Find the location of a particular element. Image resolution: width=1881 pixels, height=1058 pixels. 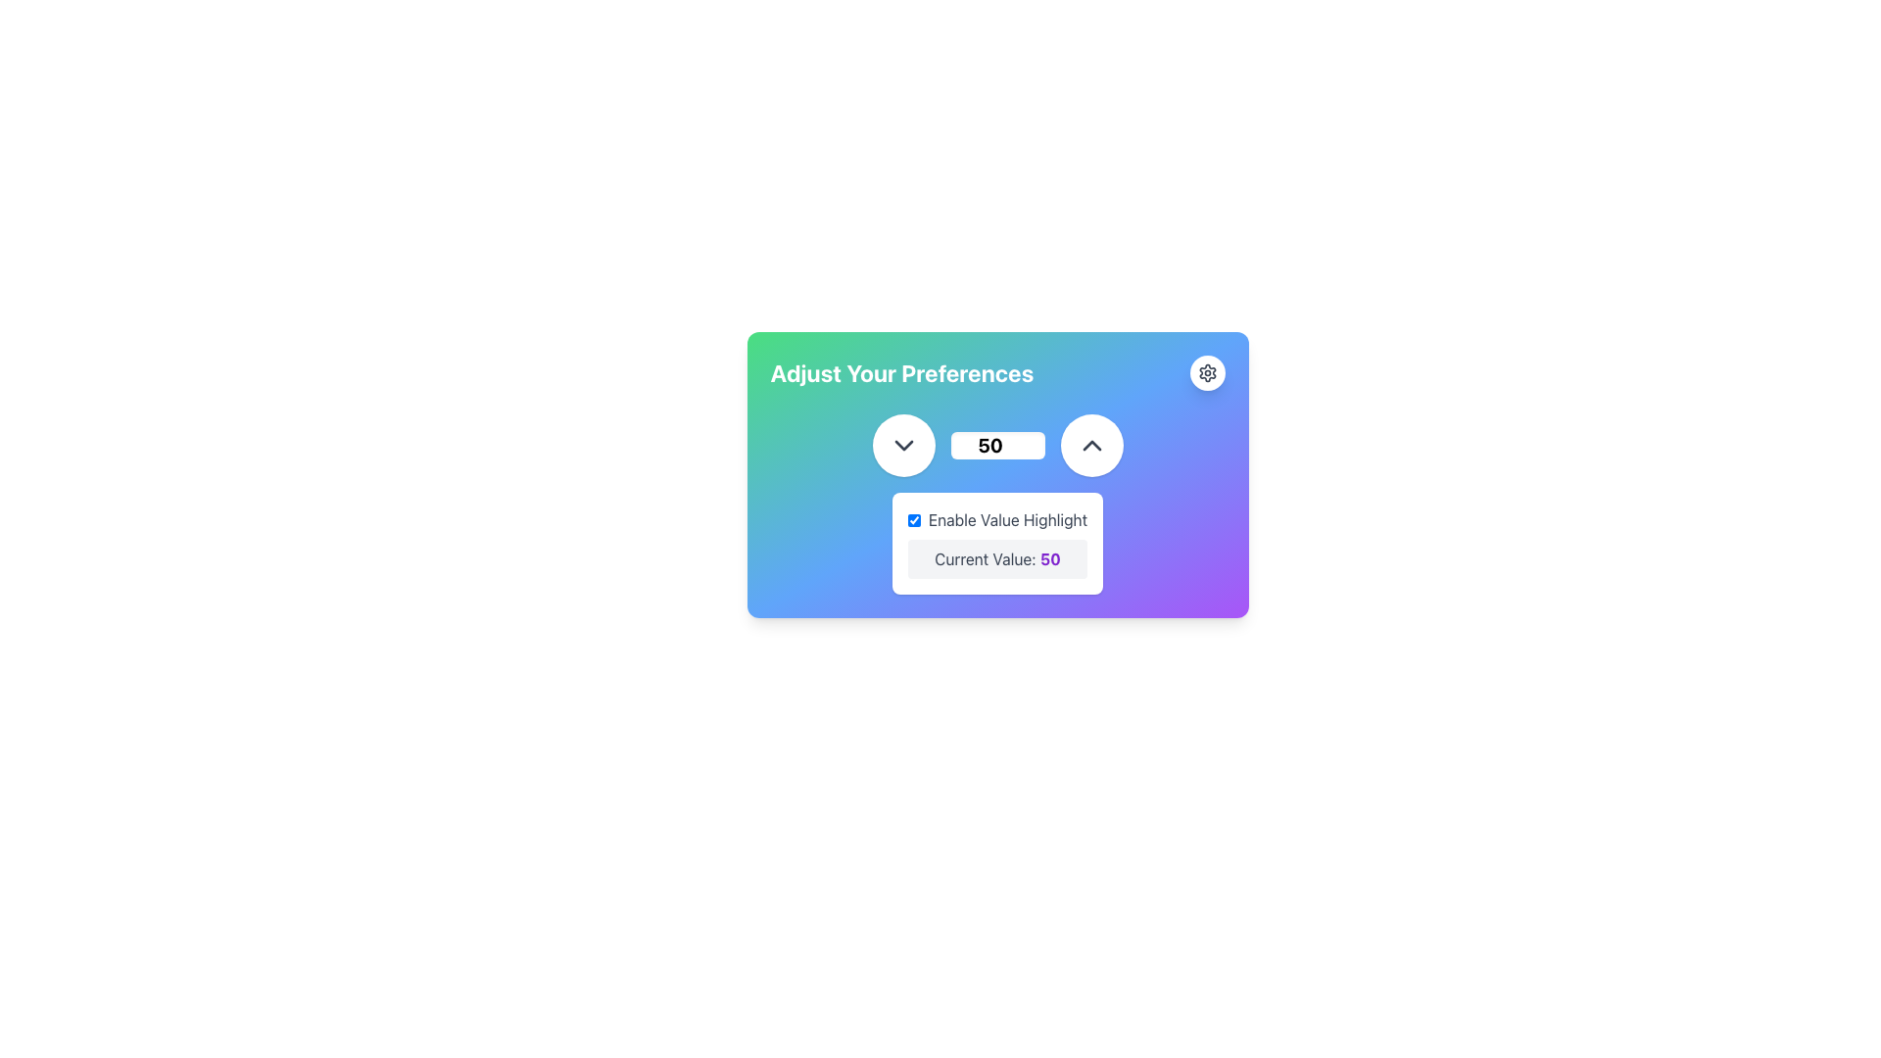

the downward-pointing chevron icon, which is styled with a thin black outline on a white background, located within a circular button at the far left of the horizontal row of controls is located at coordinates (902, 446).